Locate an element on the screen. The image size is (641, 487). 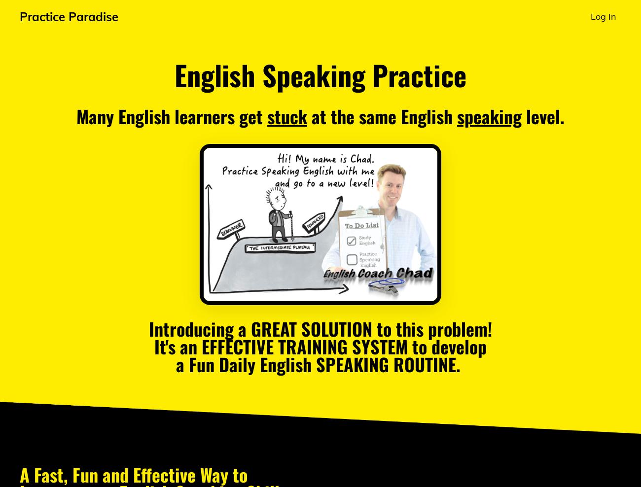
'speaking' is located at coordinates (489, 115).